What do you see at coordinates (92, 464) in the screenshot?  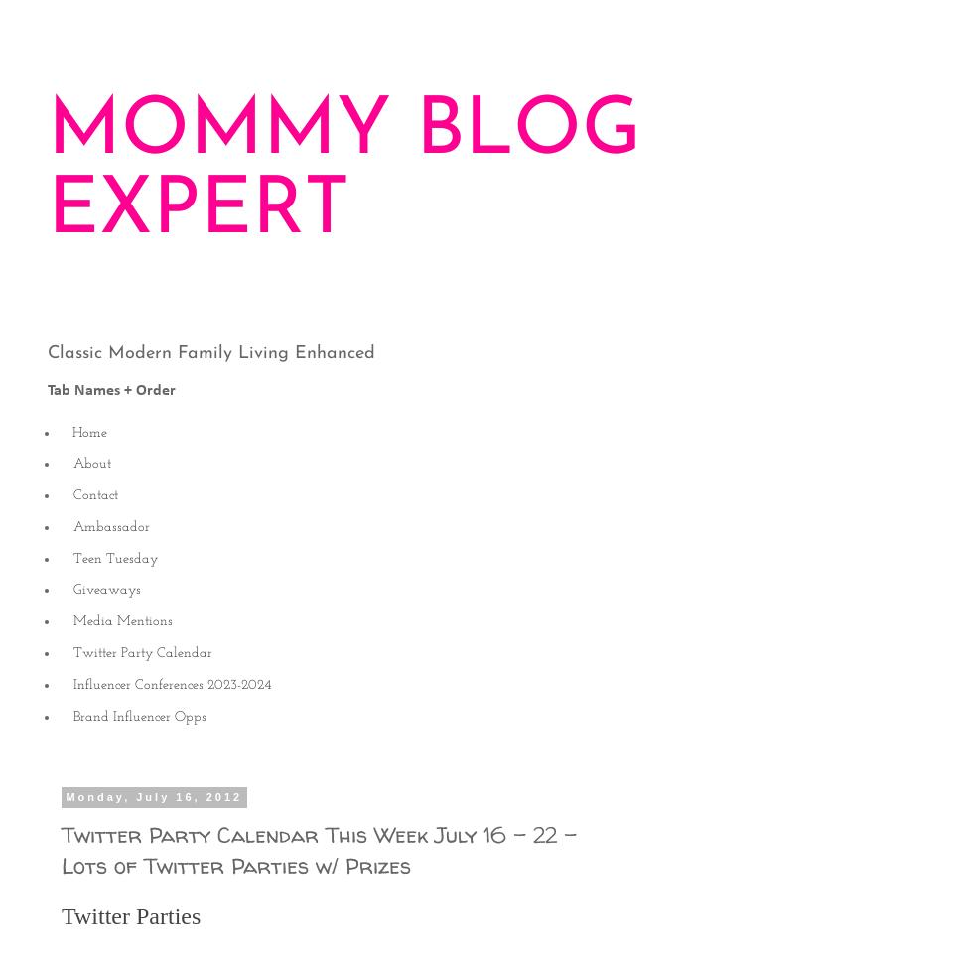 I see `'About'` at bounding box center [92, 464].